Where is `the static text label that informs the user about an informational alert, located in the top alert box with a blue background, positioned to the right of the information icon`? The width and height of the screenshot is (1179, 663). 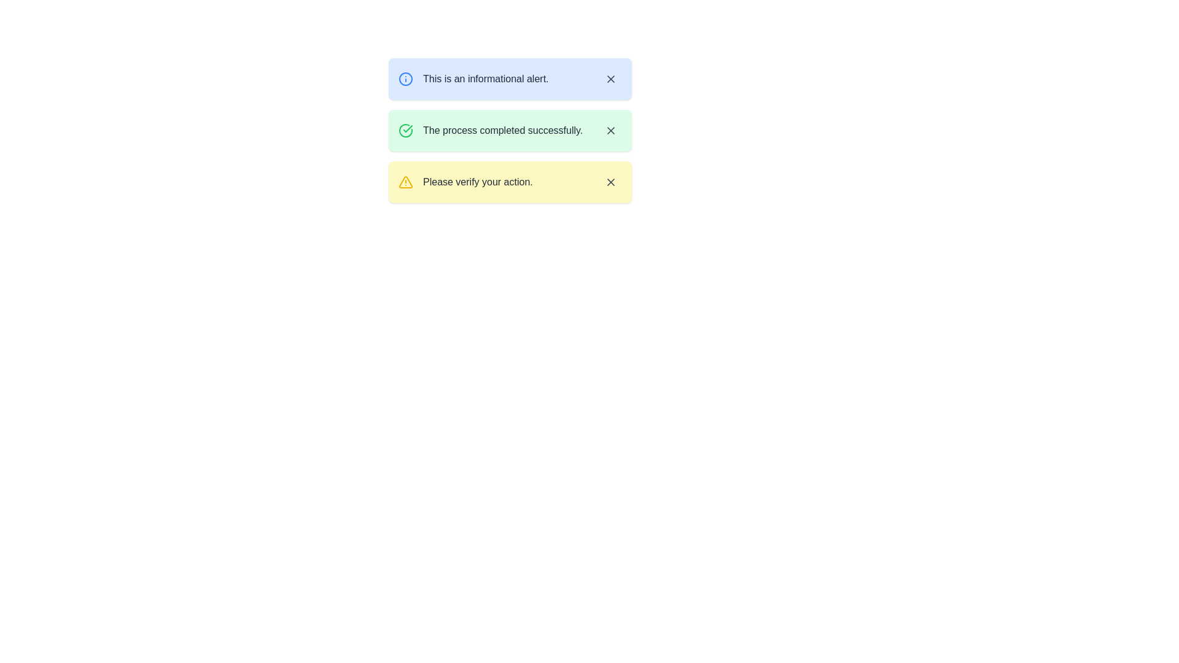
the static text label that informs the user about an informational alert, located in the top alert box with a blue background, positioned to the right of the information icon is located at coordinates (485, 79).